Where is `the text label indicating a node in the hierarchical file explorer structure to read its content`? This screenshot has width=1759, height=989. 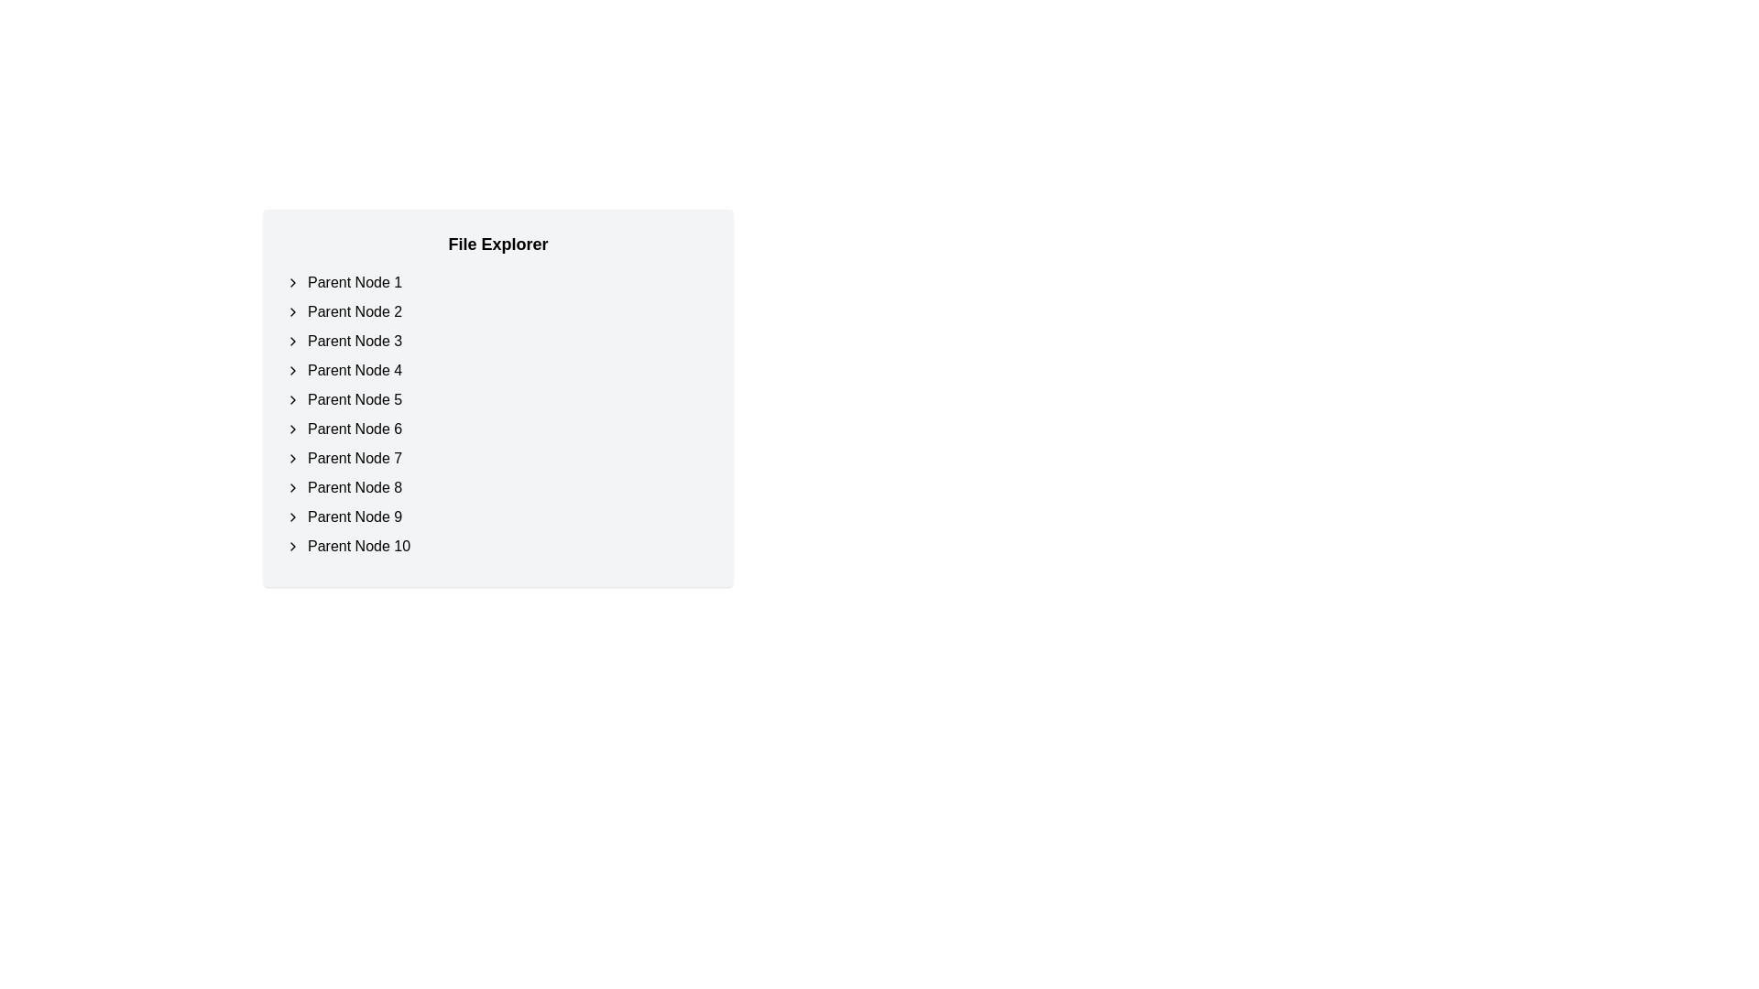 the text label indicating a node in the hierarchical file explorer structure to read its content is located at coordinates (355, 486).